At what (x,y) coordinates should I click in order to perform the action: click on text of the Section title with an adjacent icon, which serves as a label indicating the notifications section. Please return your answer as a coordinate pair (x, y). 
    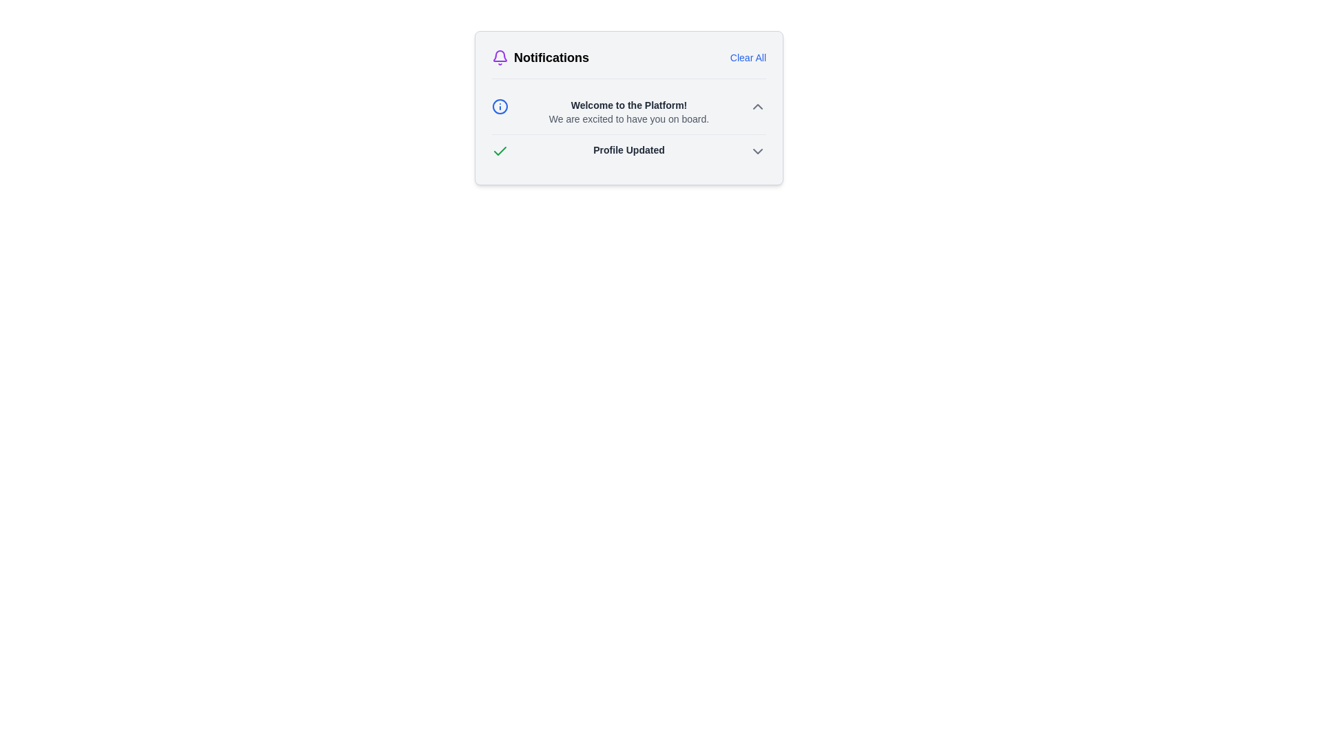
    Looking at the image, I should click on (540, 57).